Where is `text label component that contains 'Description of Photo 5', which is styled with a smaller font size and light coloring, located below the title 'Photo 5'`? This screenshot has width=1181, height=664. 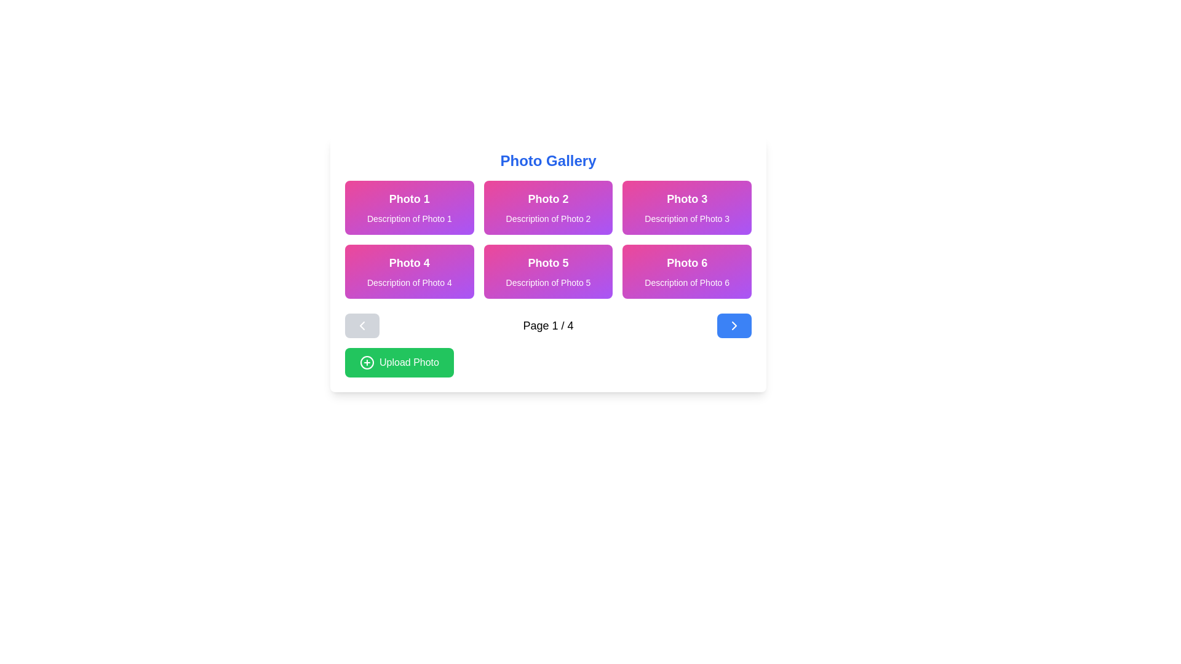 text label component that contains 'Description of Photo 5', which is styled with a smaller font size and light coloring, located below the title 'Photo 5' is located at coordinates (547, 282).